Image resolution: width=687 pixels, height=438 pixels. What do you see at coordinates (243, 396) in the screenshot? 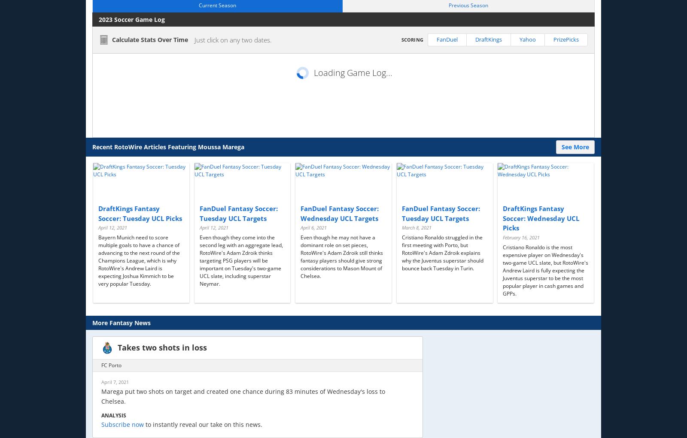
I see `'Marega put two shots on target and created one chance during 83 minutes of Wednesday's loss to Chelsea.'` at bounding box center [243, 396].